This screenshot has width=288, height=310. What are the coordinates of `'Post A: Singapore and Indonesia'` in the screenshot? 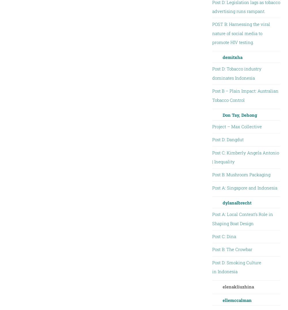 It's located at (244, 187).